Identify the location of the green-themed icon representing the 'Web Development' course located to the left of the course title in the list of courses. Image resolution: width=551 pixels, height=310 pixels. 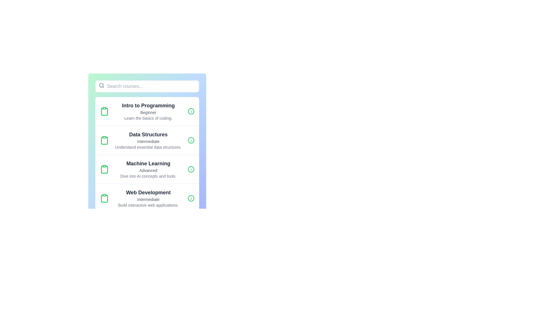
(104, 198).